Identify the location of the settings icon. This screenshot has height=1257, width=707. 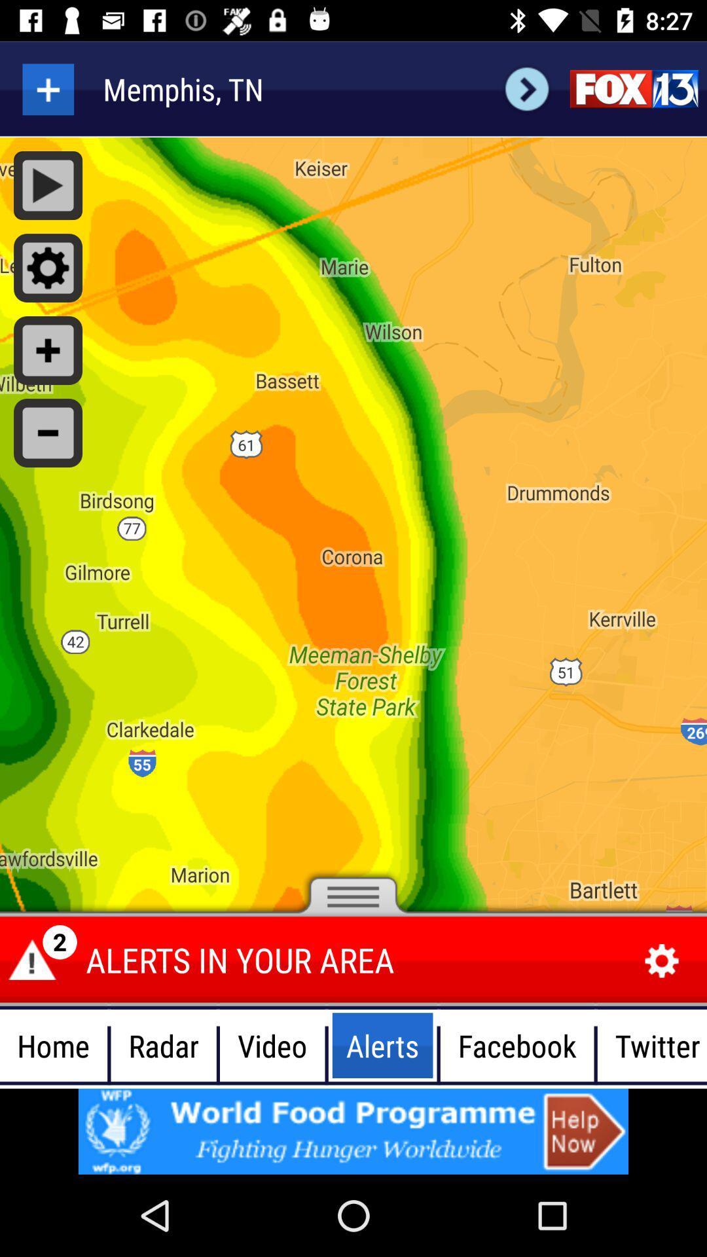
(662, 961).